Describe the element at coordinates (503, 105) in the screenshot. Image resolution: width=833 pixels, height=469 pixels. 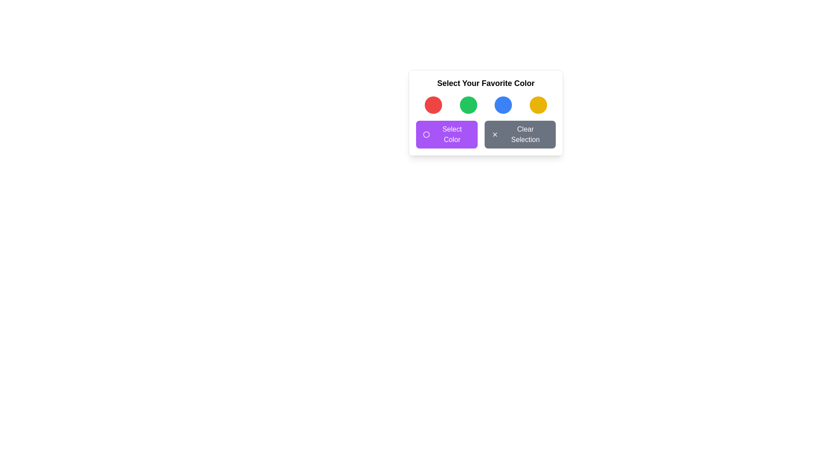
I see `the blue circular button, which is the third button from the left in a row of four circular buttons` at that location.